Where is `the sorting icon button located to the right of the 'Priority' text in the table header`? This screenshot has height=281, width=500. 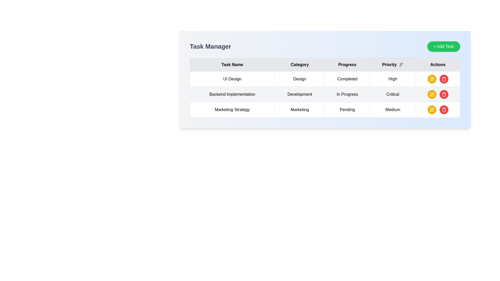 the sorting icon button located to the right of the 'Priority' text in the table header is located at coordinates (401, 65).